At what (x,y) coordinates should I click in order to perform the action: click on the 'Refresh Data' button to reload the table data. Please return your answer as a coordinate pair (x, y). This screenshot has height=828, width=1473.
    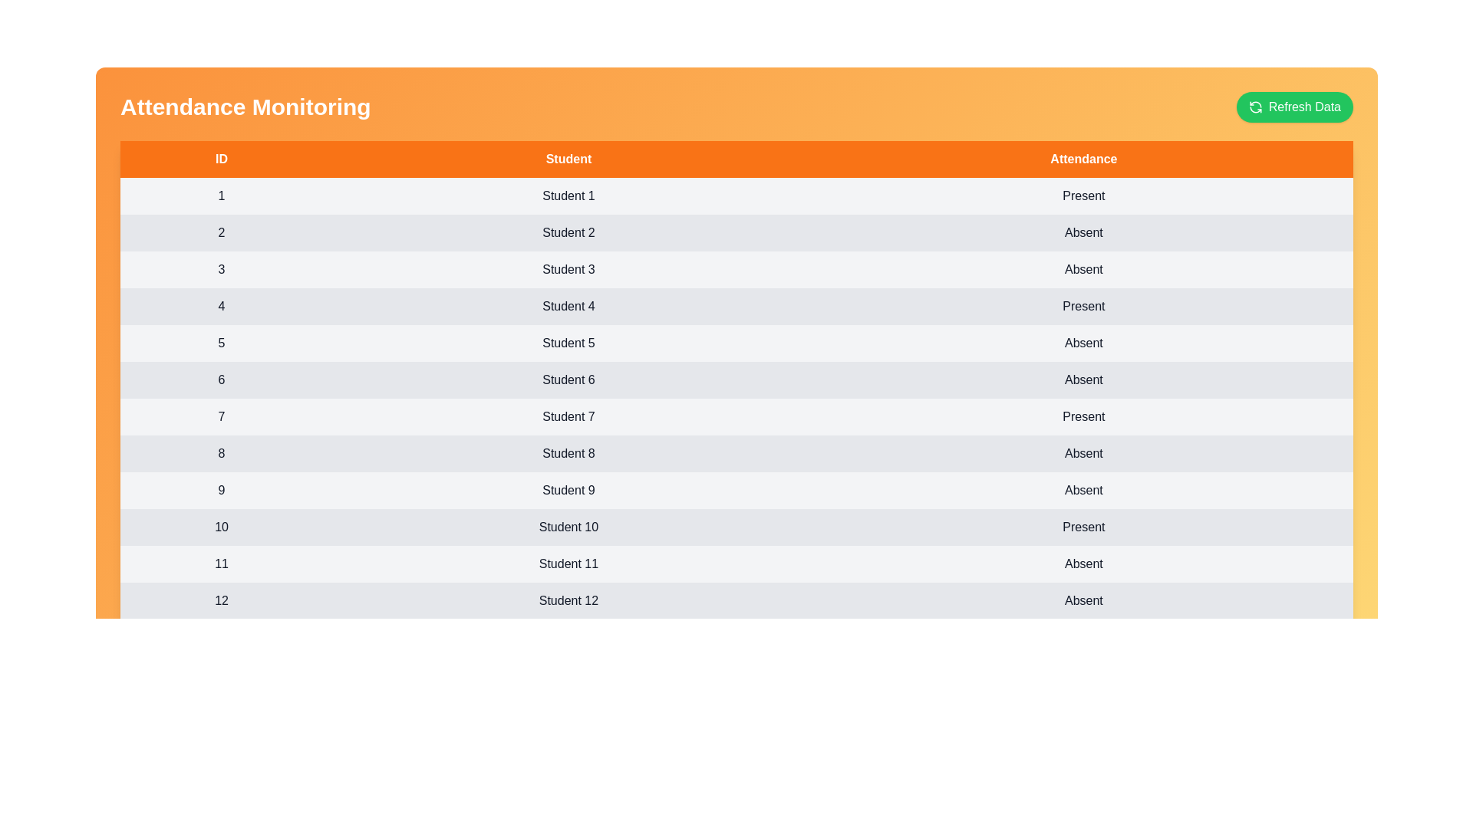
    Looking at the image, I should click on (1293, 106).